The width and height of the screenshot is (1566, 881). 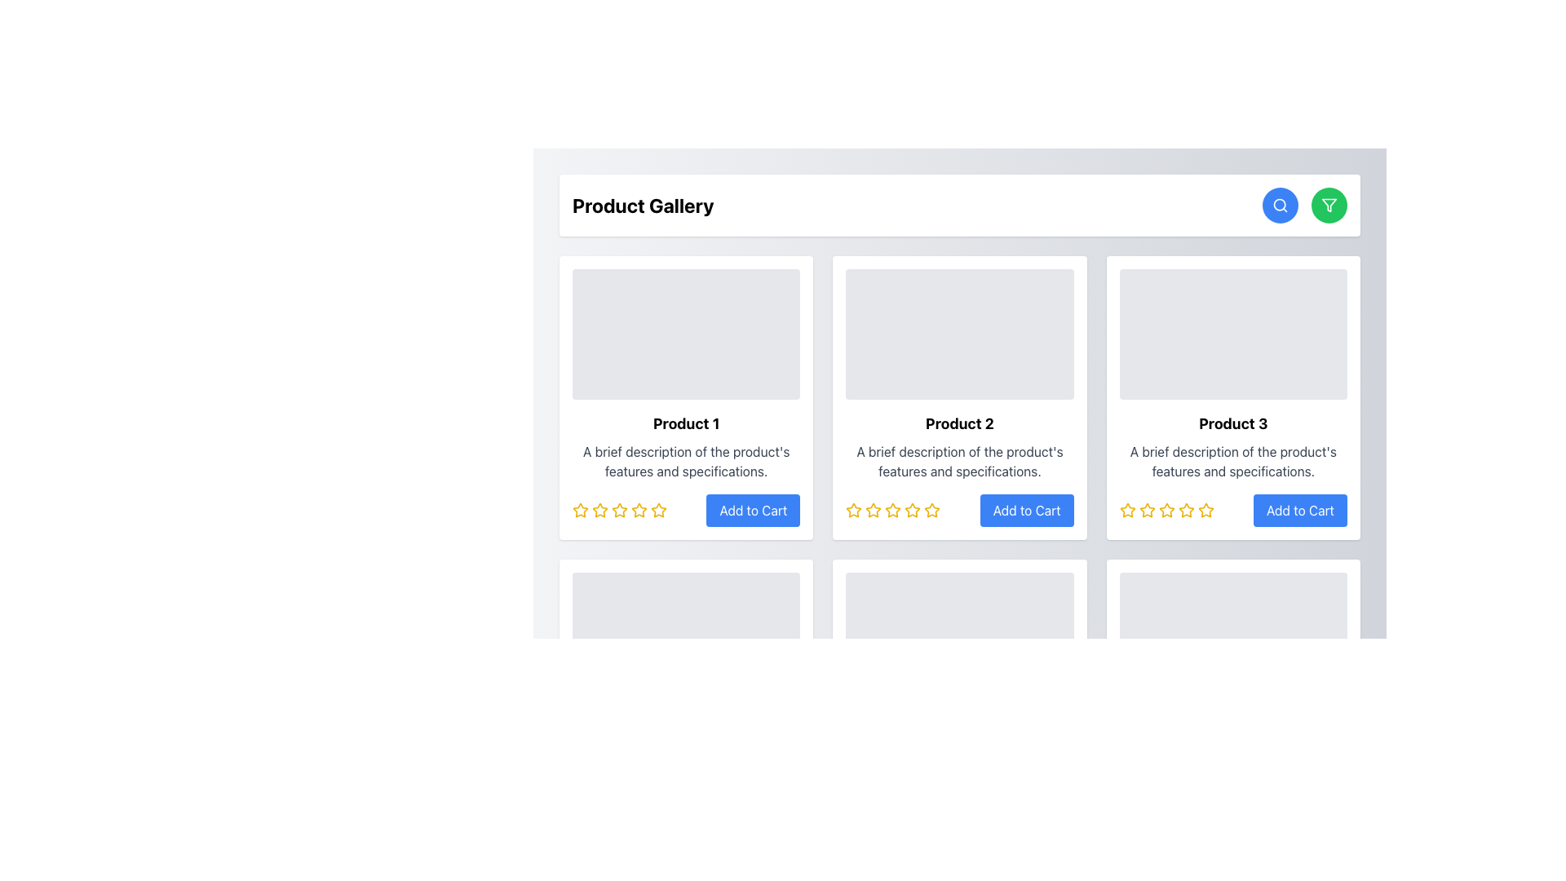 What do you see at coordinates (686, 462) in the screenshot?
I see `the textual description element located in the first product card, positioned below the title 'Product 1' and above the rating stars and 'Add to Cart' button` at bounding box center [686, 462].